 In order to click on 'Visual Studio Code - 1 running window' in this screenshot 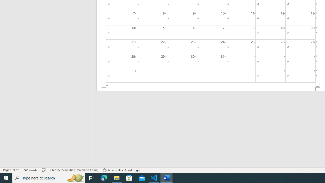, I will do `click(154, 177)`.